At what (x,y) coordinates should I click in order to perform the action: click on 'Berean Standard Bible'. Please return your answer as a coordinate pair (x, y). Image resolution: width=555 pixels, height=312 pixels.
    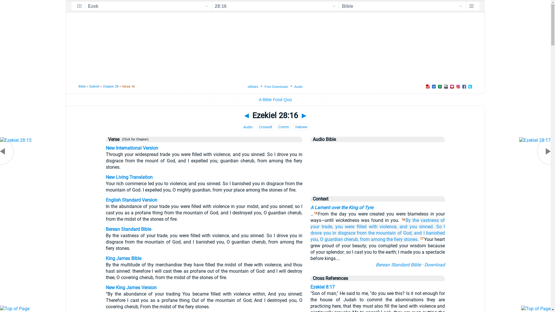
    Looking at the image, I should click on (106, 229).